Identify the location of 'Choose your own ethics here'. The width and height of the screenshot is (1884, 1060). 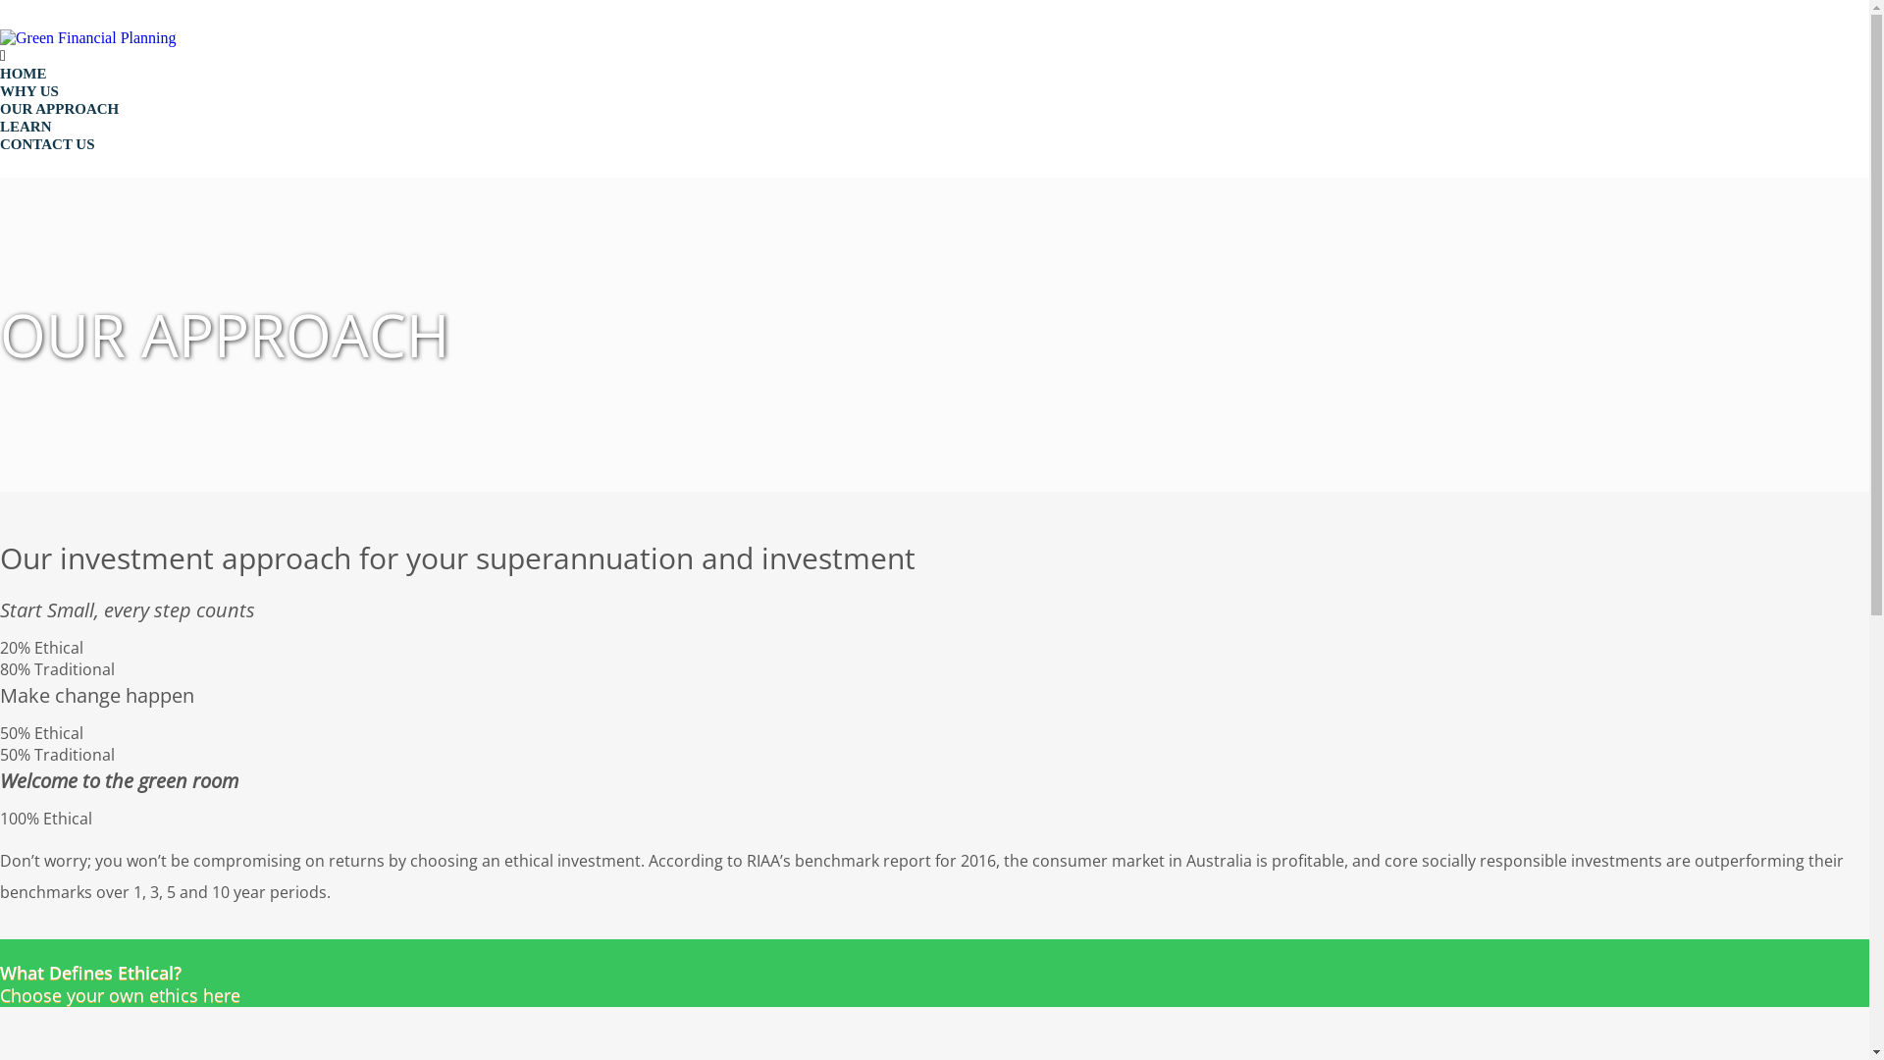
(0, 973).